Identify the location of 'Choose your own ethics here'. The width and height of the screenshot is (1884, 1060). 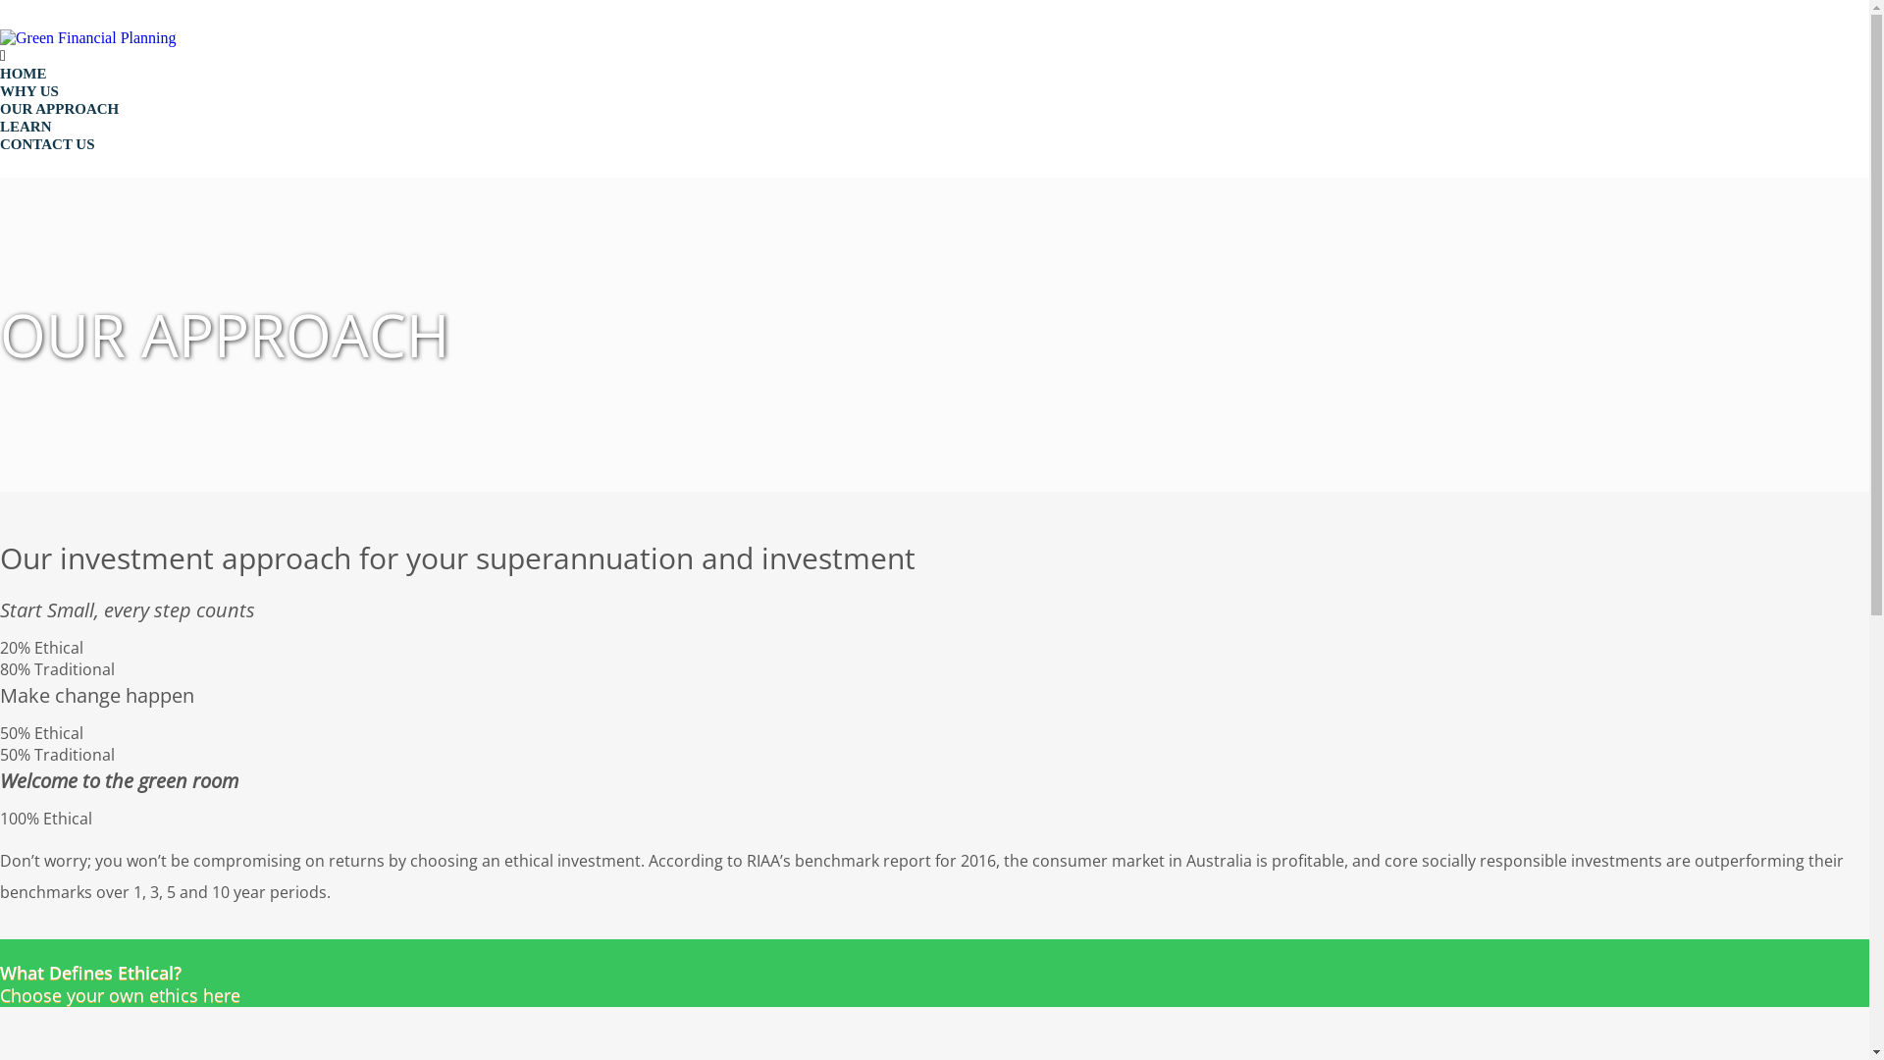
(0, 973).